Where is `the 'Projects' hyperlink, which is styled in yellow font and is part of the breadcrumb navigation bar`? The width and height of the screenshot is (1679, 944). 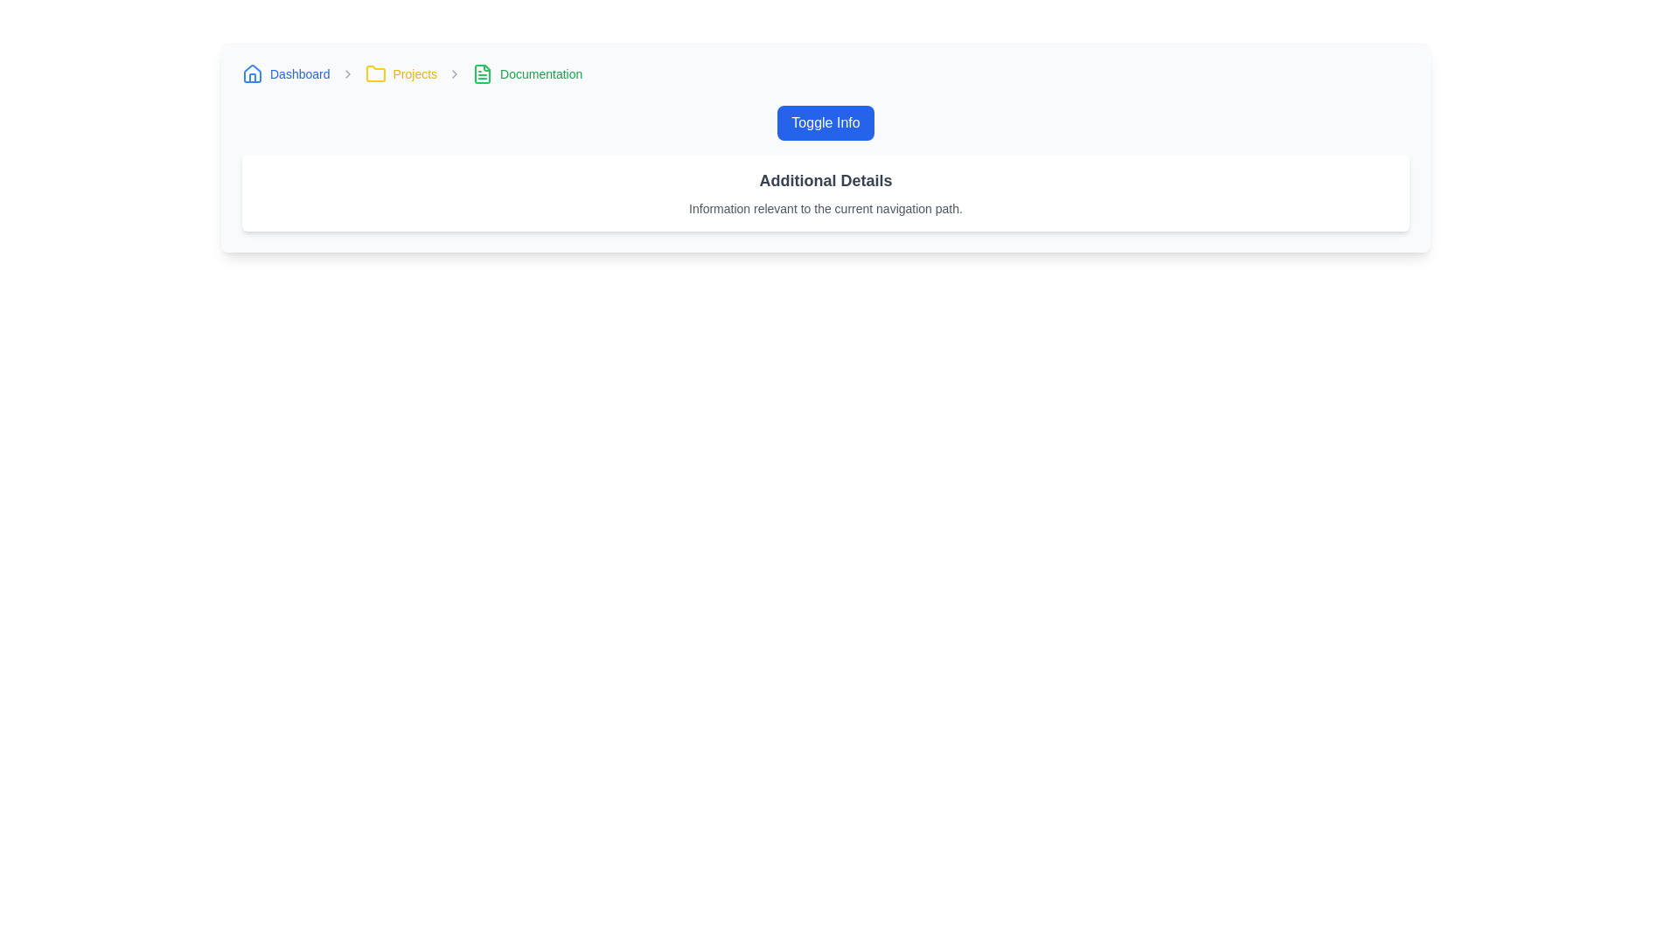
the 'Projects' hyperlink, which is styled in yellow font and is part of the breadcrumb navigation bar is located at coordinates (414, 73).